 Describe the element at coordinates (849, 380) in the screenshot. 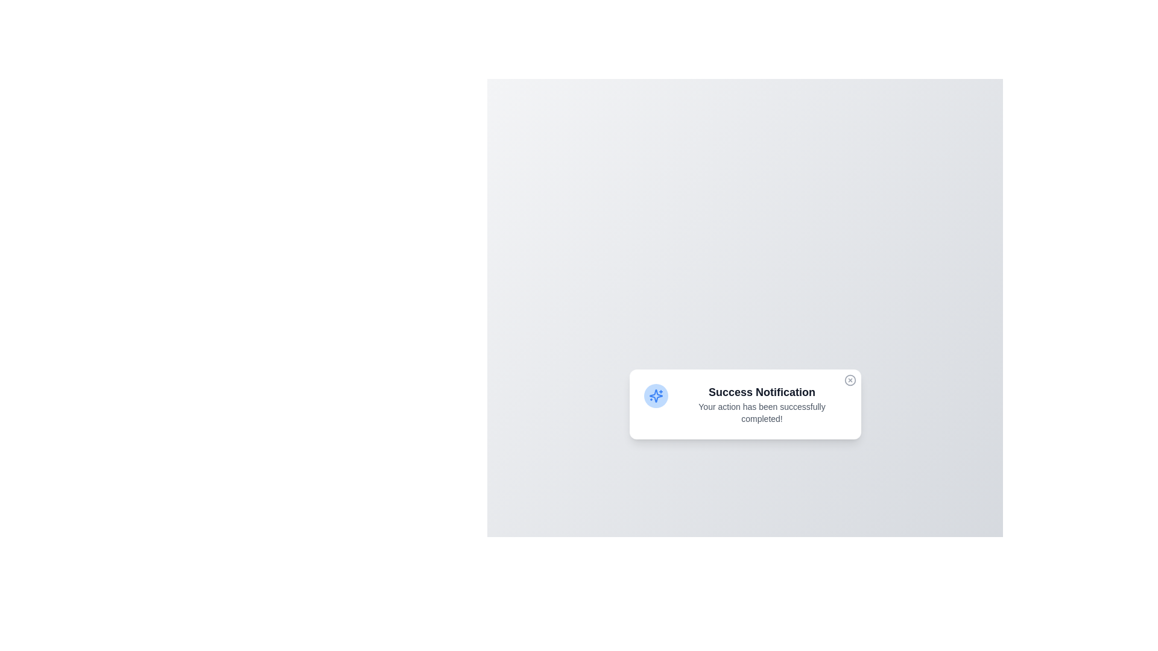

I see `the close button at the top-right corner of the notification to dismiss it` at that location.